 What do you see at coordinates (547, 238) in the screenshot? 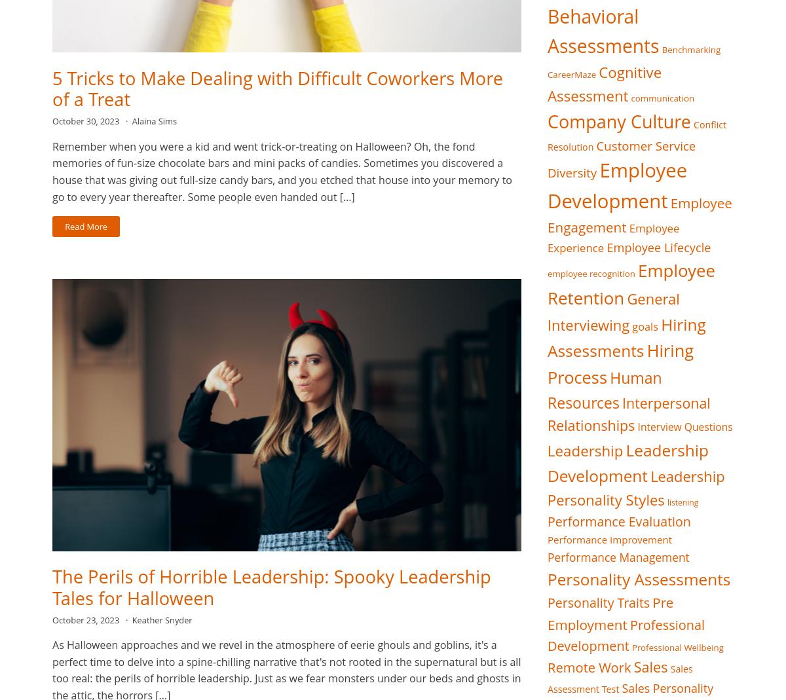
I see `'Employee Experience'` at bounding box center [547, 238].